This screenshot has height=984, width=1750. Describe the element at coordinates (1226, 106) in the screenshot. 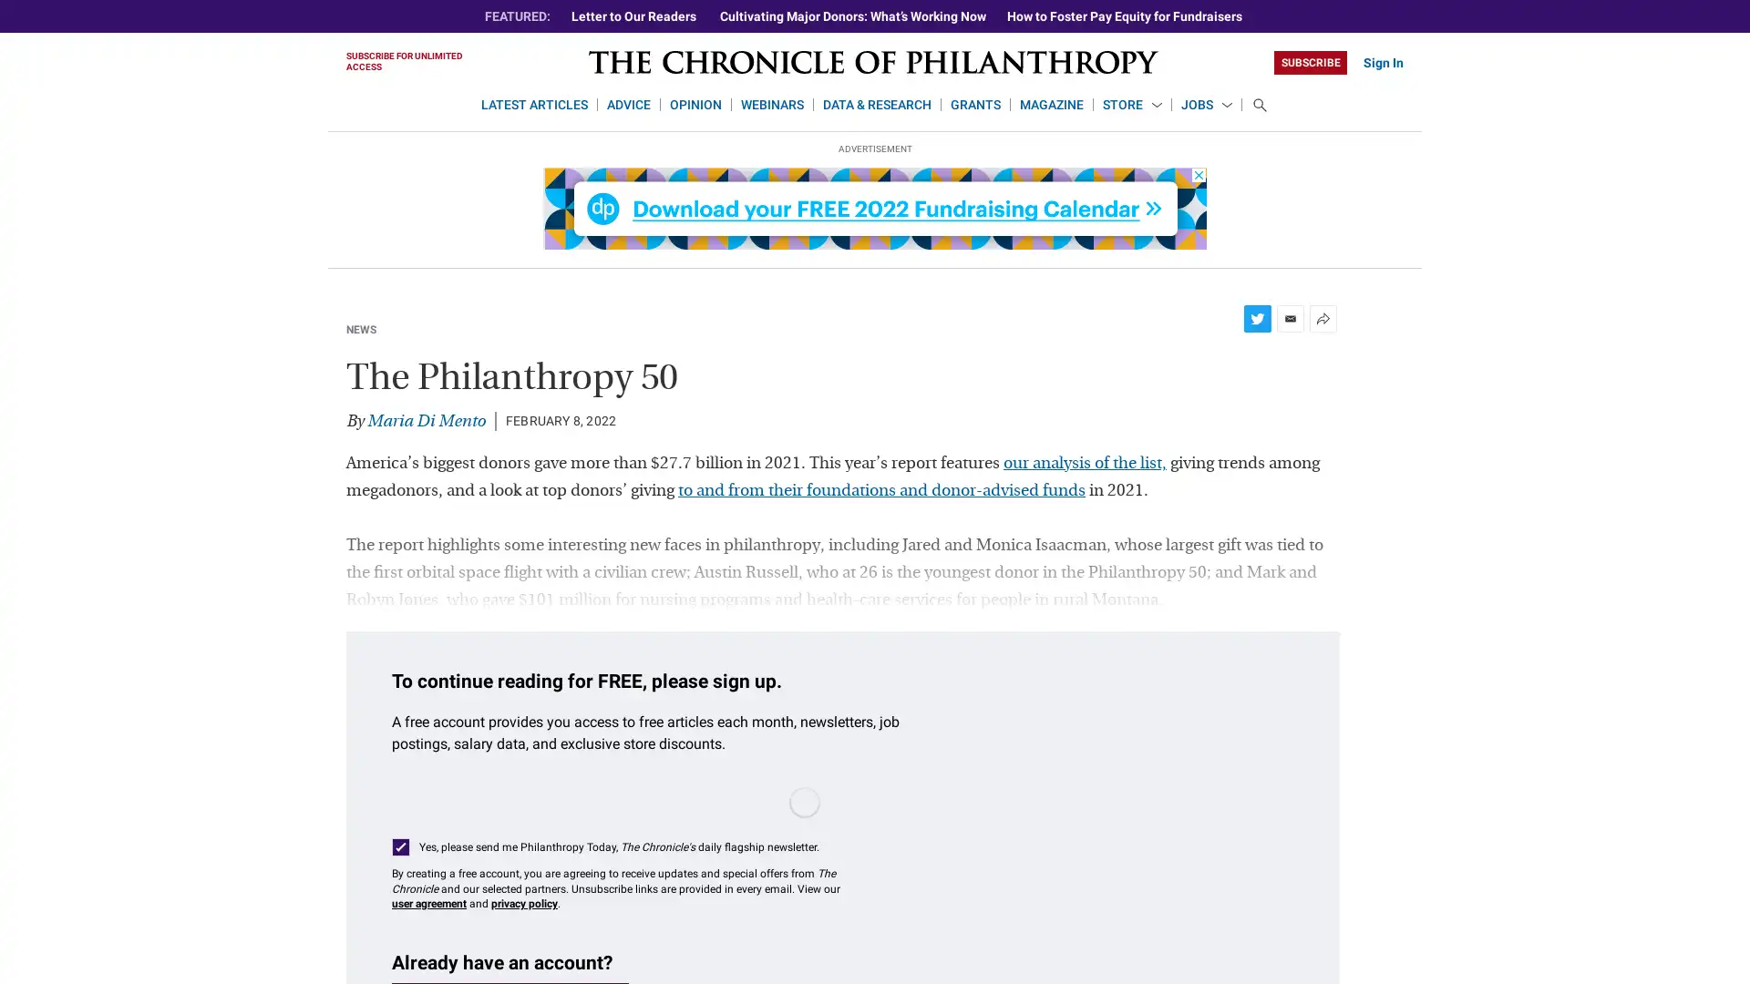

I see `Open Sub Navigation` at that location.